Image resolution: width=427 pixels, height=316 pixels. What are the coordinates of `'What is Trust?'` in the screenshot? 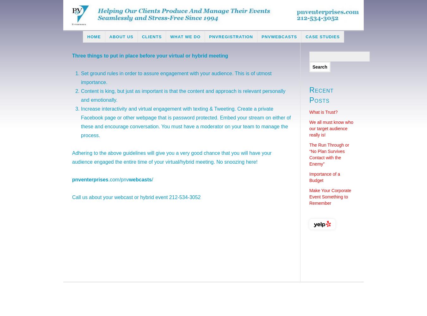 It's located at (309, 112).